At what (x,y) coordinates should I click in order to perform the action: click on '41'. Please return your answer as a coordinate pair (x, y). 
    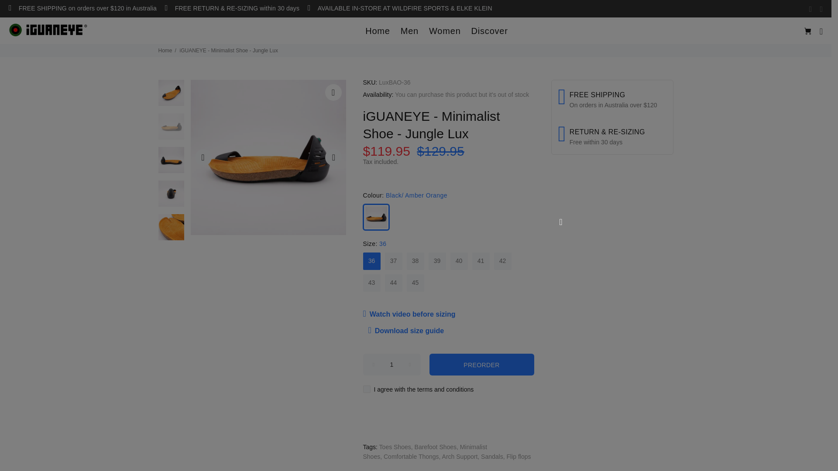
    Looking at the image, I should click on (481, 260).